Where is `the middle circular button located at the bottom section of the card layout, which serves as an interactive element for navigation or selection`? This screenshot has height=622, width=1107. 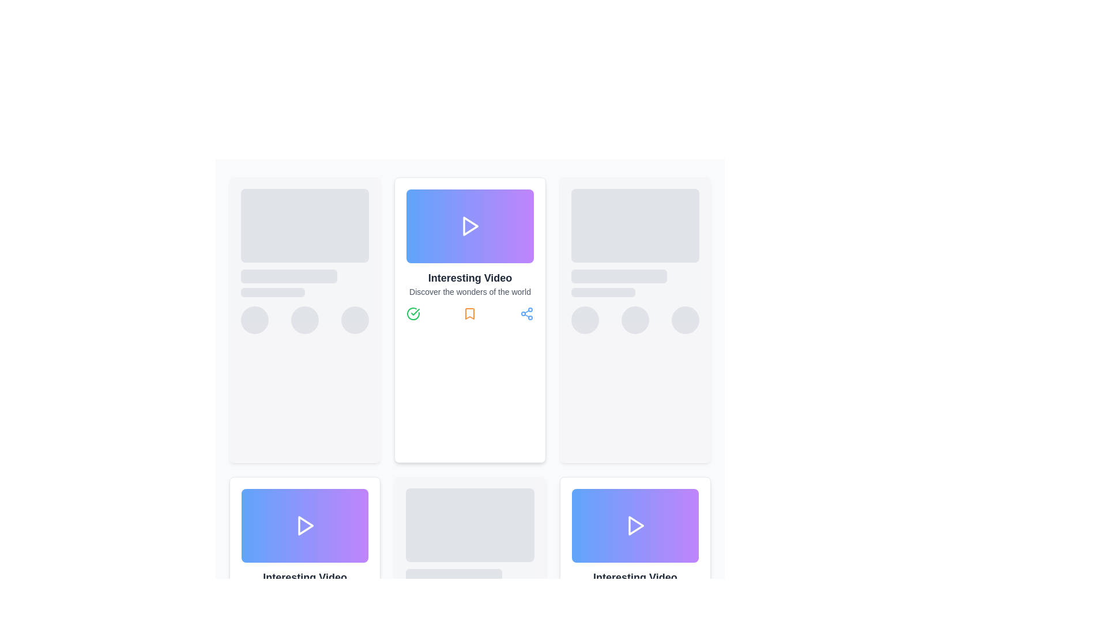 the middle circular button located at the bottom section of the card layout, which serves as an interactive element for navigation or selection is located at coordinates (305, 320).